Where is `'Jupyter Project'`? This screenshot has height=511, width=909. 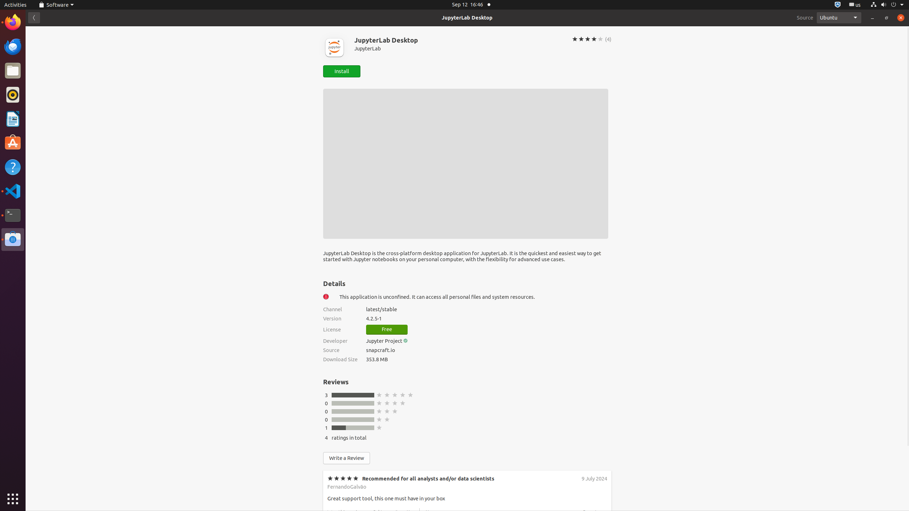 'Jupyter Project' is located at coordinates (384, 341).